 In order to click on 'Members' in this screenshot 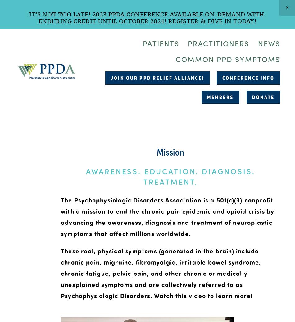, I will do `click(220, 96)`.